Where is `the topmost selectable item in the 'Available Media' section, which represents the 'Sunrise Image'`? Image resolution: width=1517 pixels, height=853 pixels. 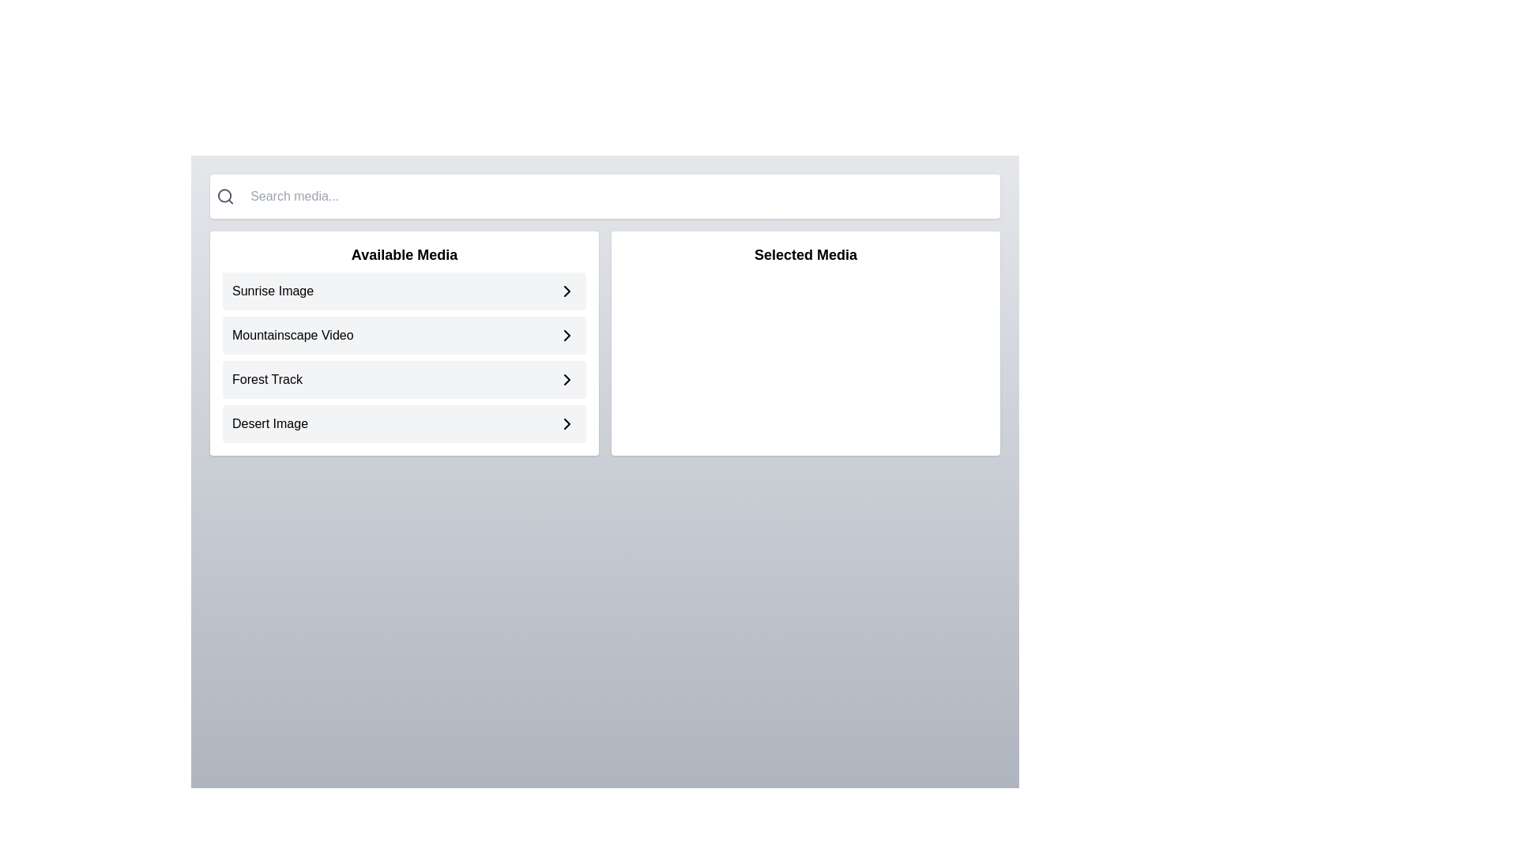 the topmost selectable item in the 'Available Media' section, which represents the 'Sunrise Image' is located at coordinates (405, 291).